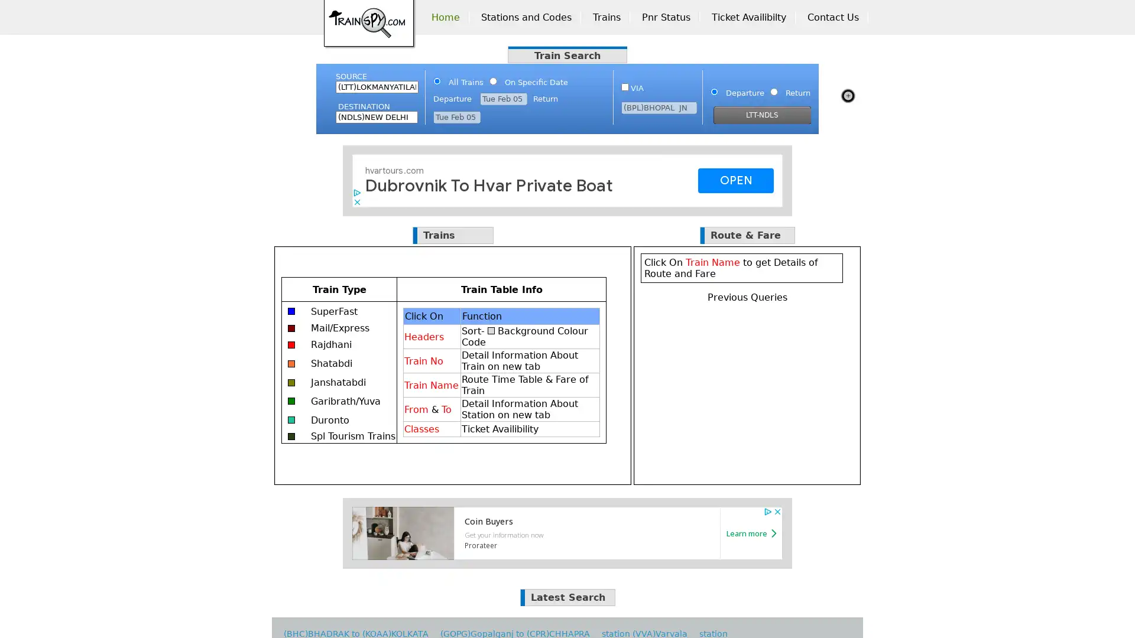 The width and height of the screenshot is (1135, 638). I want to click on LTT-NDLS, so click(762, 115).